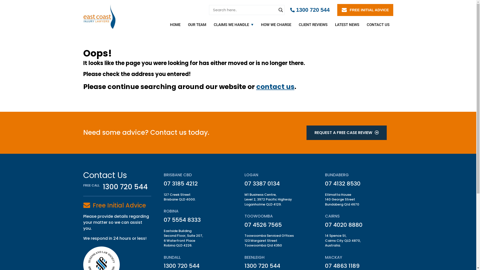 The width and height of the screenshot is (480, 270). What do you see at coordinates (343, 224) in the screenshot?
I see `'07 4020 8880'` at bounding box center [343, 224].